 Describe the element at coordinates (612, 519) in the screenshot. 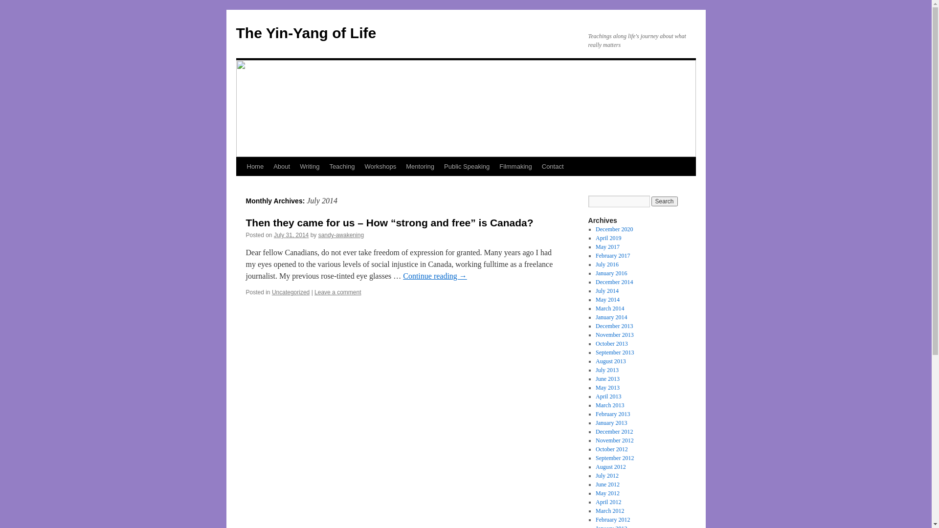

I see `'February 2012'` at that location.